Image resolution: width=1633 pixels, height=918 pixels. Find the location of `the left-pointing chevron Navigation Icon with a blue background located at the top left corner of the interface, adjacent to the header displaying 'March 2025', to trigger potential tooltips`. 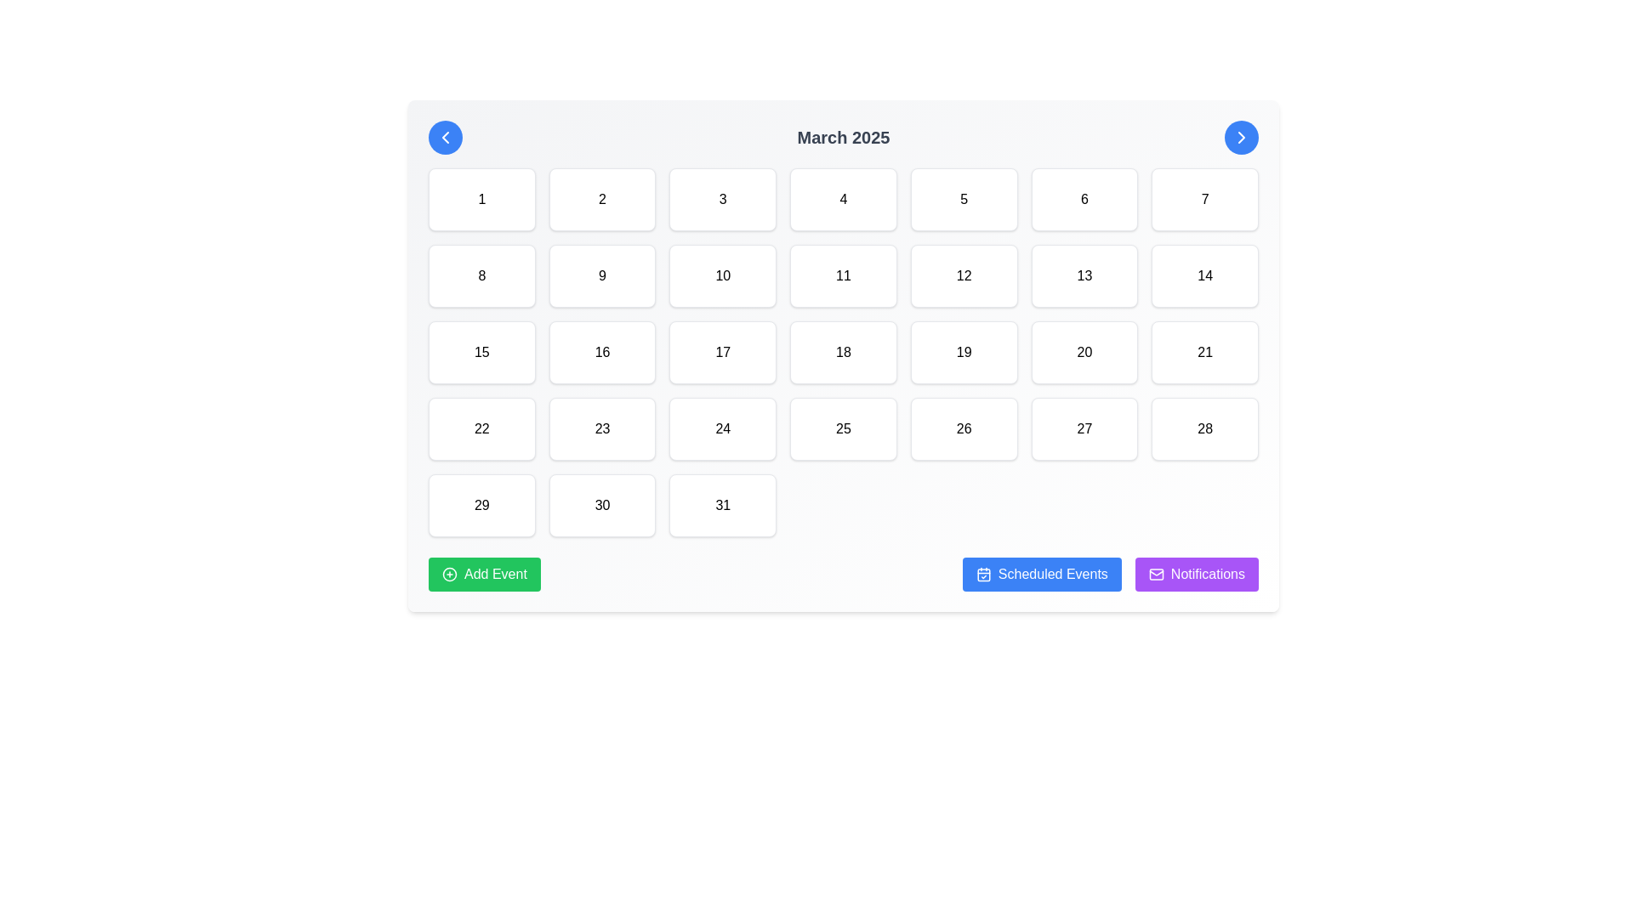

the left-pointing chevron Navigation Icon with a blue background located at the top left corner of the interface, adjacent to the header displaying 'March 2025', to trigger potential tooltips is located at coordinates (445, 137).